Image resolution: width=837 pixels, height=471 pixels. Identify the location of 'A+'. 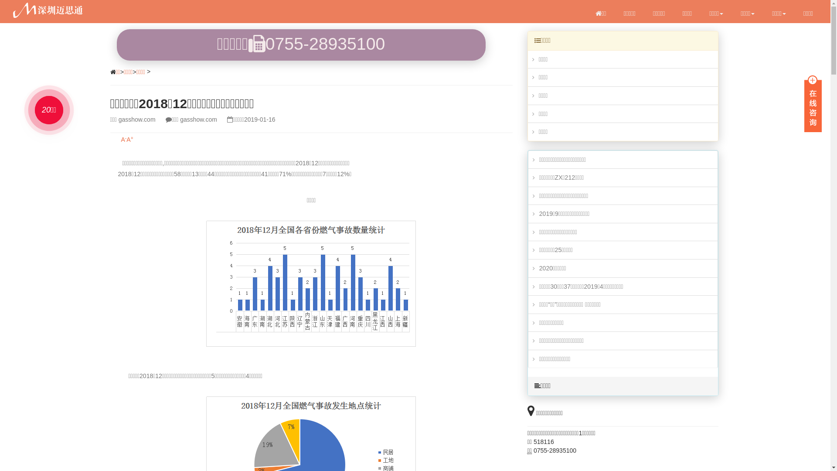
(126, 139).